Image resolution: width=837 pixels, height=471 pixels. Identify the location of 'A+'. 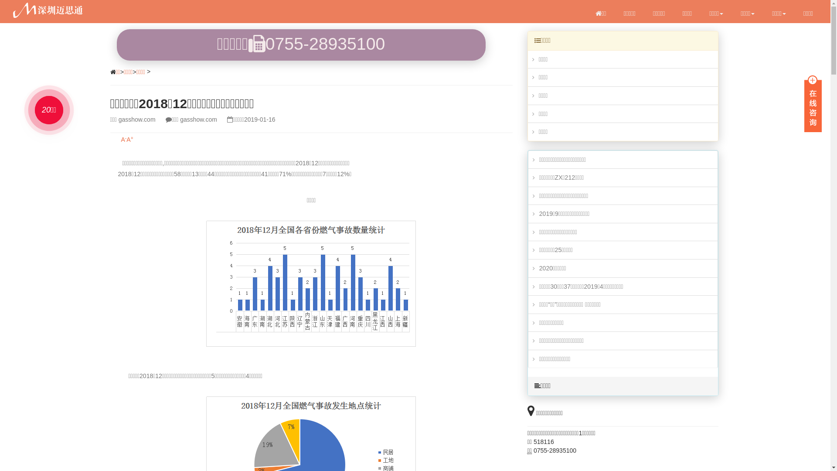
(126, 139).